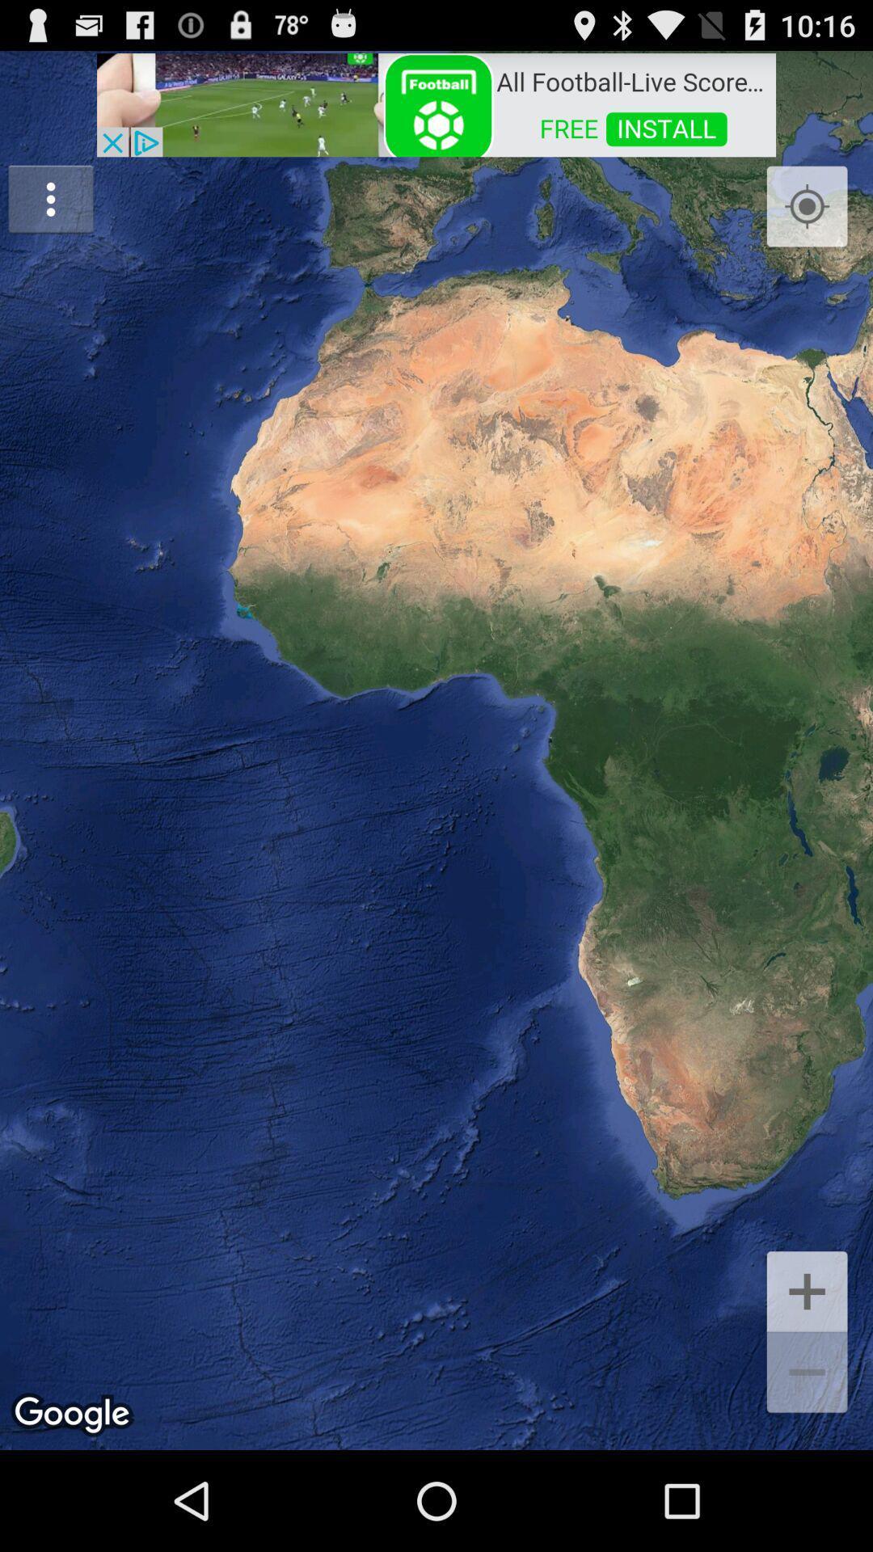 The height and width of the screenshot is (1552, 873). What do you see at coordinates (436, 103) in the screenshot?
I see `item at the top` at bounding box center [436, 103].